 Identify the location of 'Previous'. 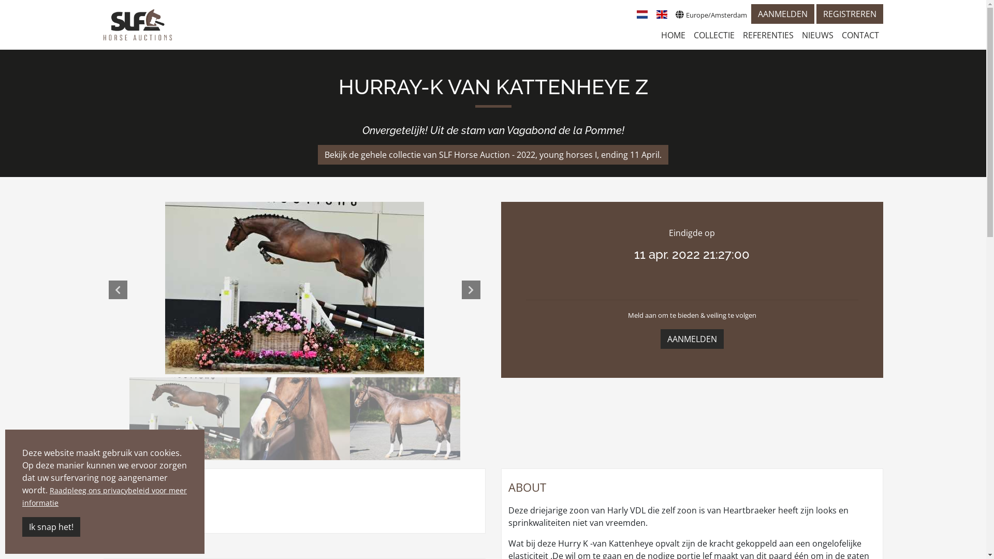
(118, 289).